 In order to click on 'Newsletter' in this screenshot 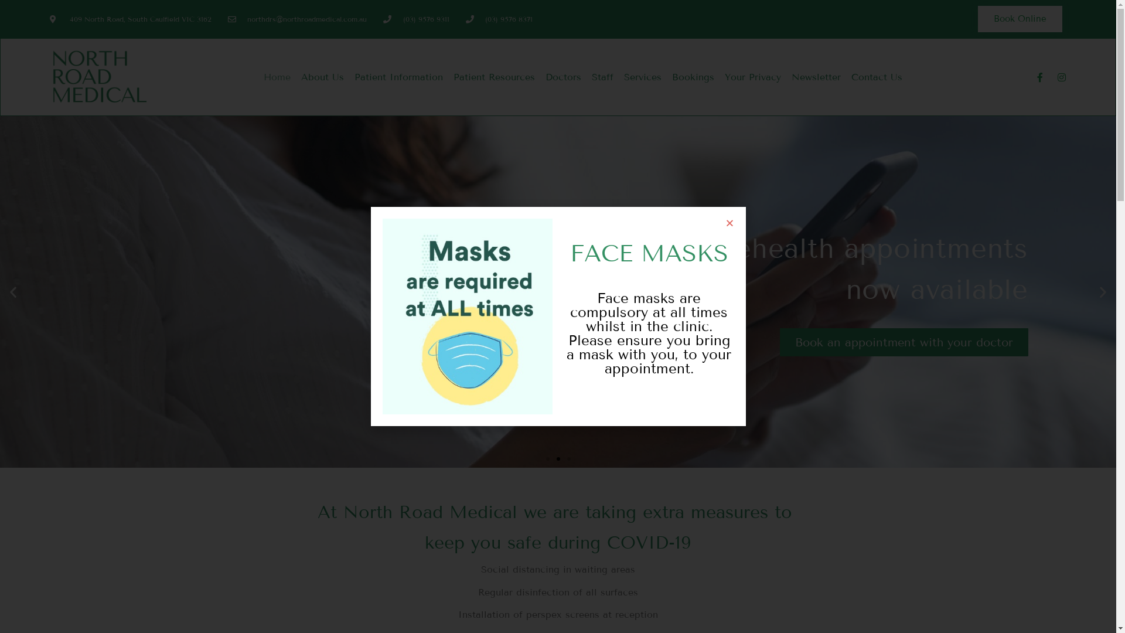, I will do `click(786, 77)`.